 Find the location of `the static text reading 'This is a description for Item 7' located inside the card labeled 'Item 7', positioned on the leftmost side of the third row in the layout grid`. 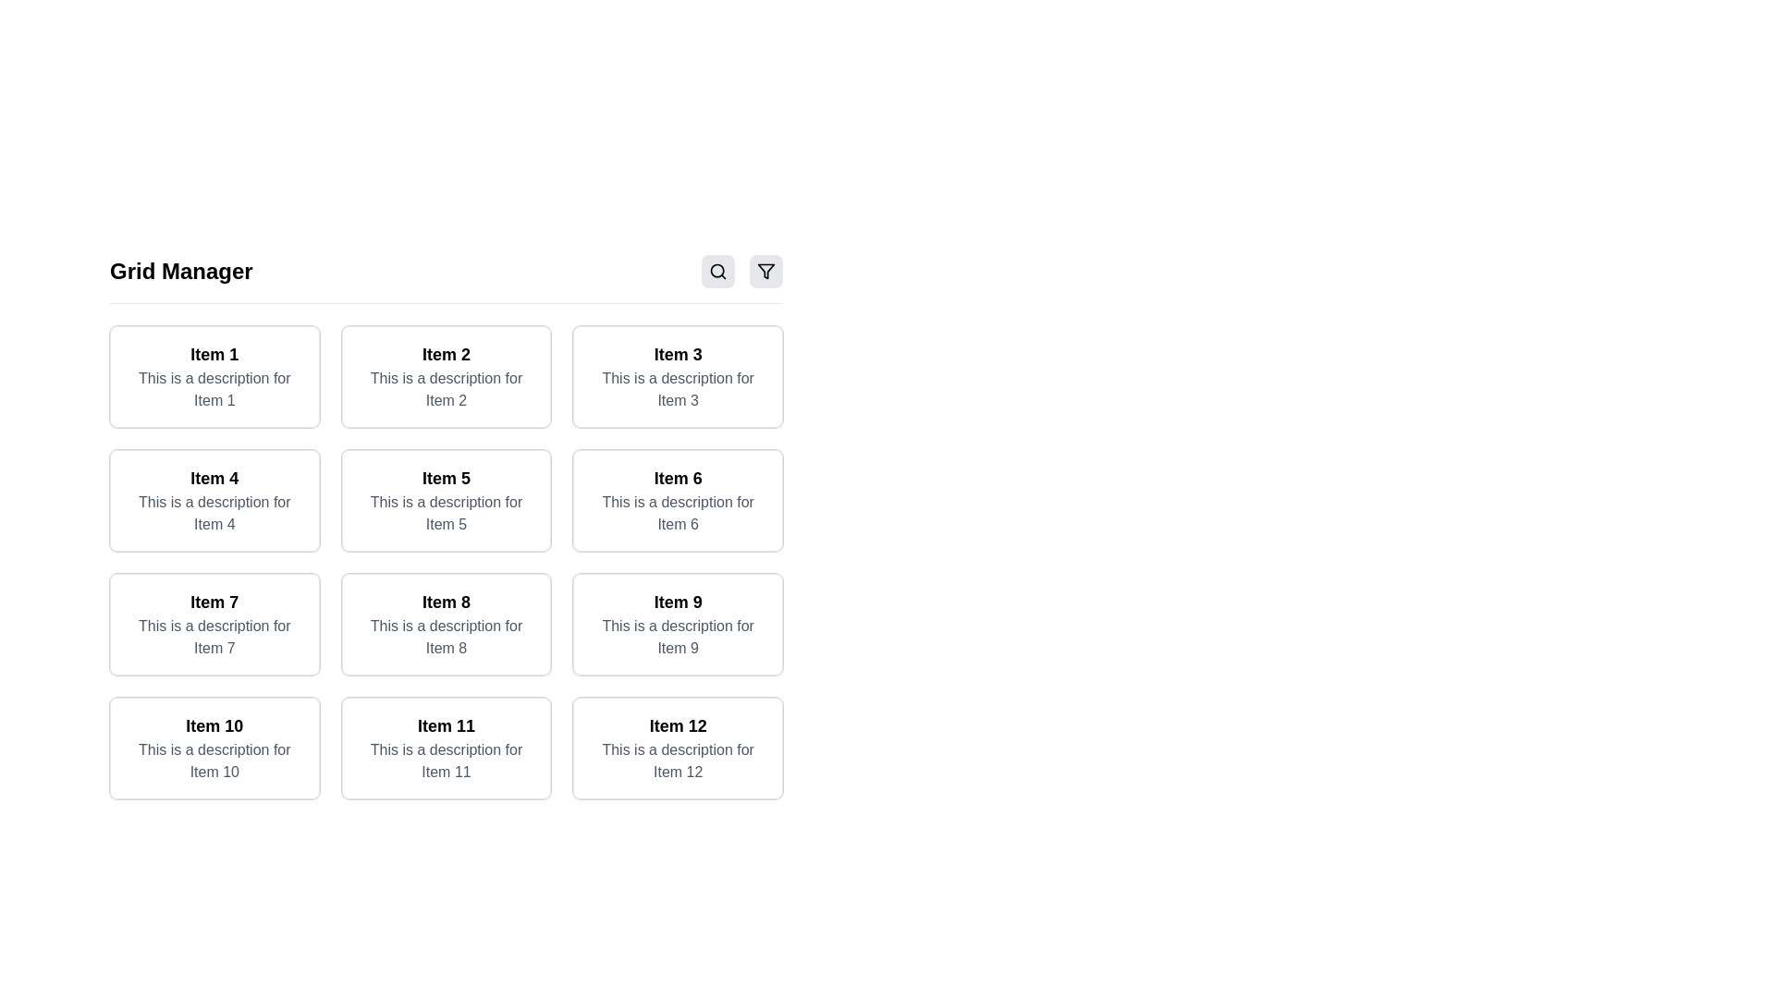

the static text reading 'This is a description for Item 7' located inside the card labeled 'Item 7', positioned on the leftmost side of the third row in the layout grid is located at coordinates (214, 637).